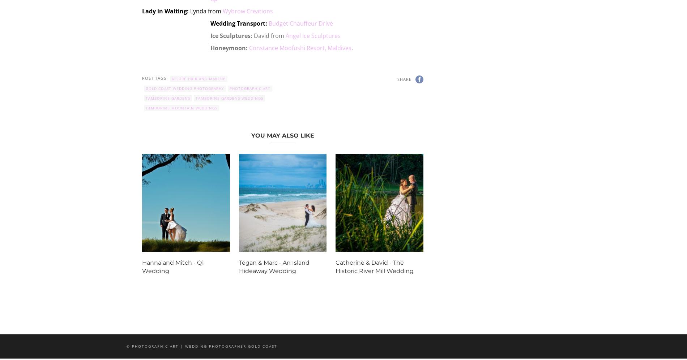 The height and width of the screenshot is (360, 687). What do you see at coordinates (300, 23) in the screenshot?
I see `'Budget Chauffeur Drive'` at bounding box center [300, 23].